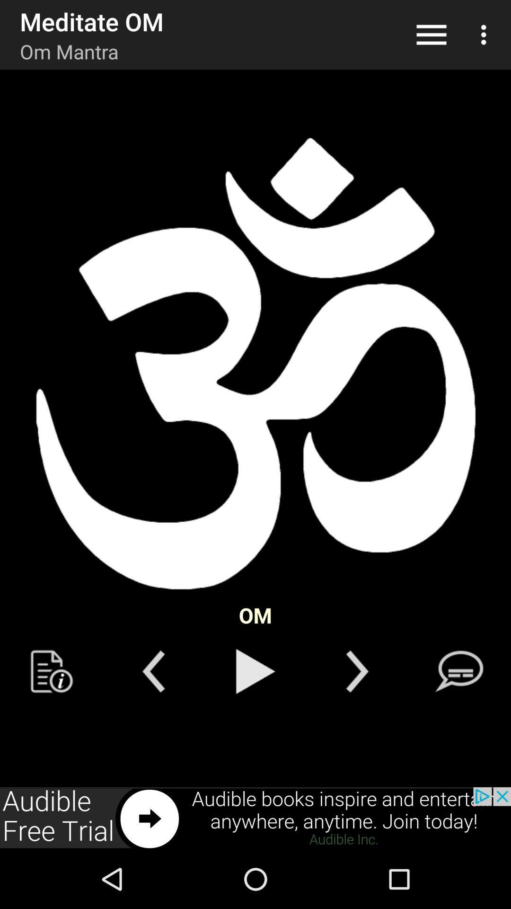  What do you see at coordinates (255, 364) in the screenshot?
I see `god symbol` at bounding box center [255, 364].